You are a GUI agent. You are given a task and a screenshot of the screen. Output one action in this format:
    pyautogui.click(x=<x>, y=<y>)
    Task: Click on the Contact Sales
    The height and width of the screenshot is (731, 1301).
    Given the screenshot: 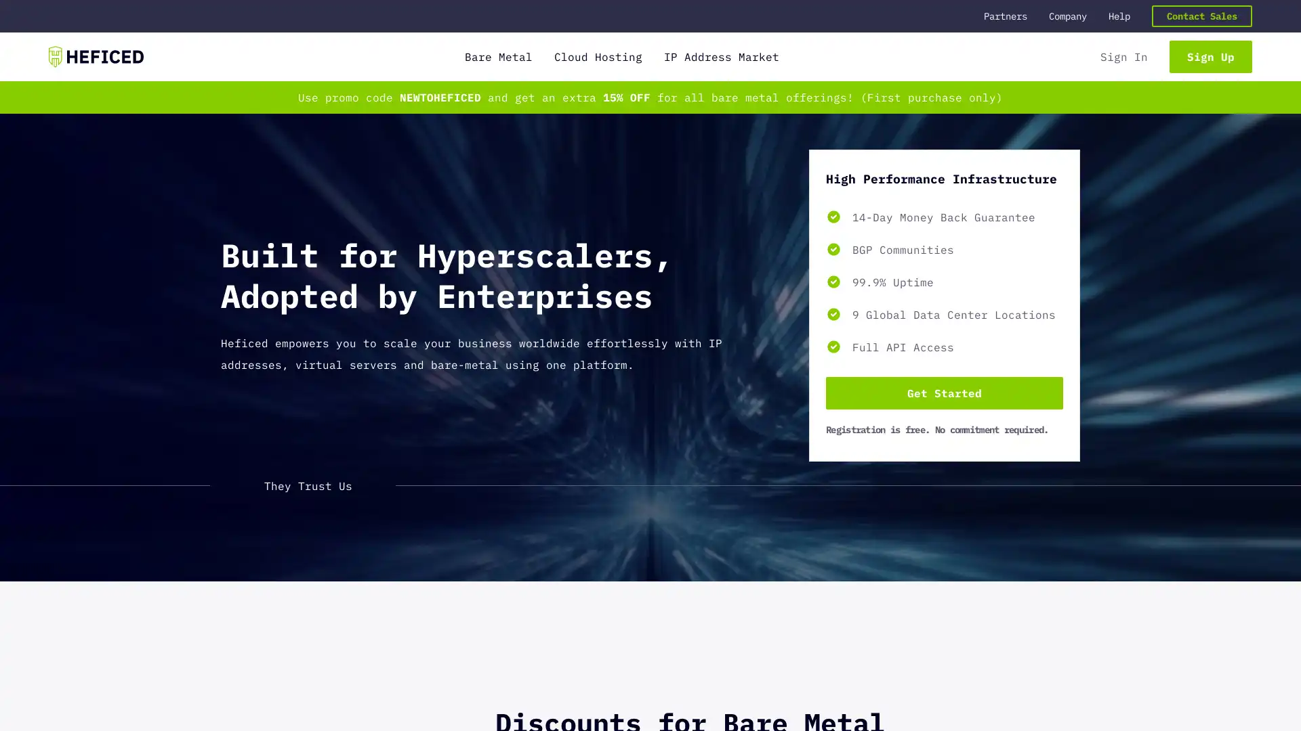 What is the action you would take?
    pyautogui.click(x=1202, y=16)
    